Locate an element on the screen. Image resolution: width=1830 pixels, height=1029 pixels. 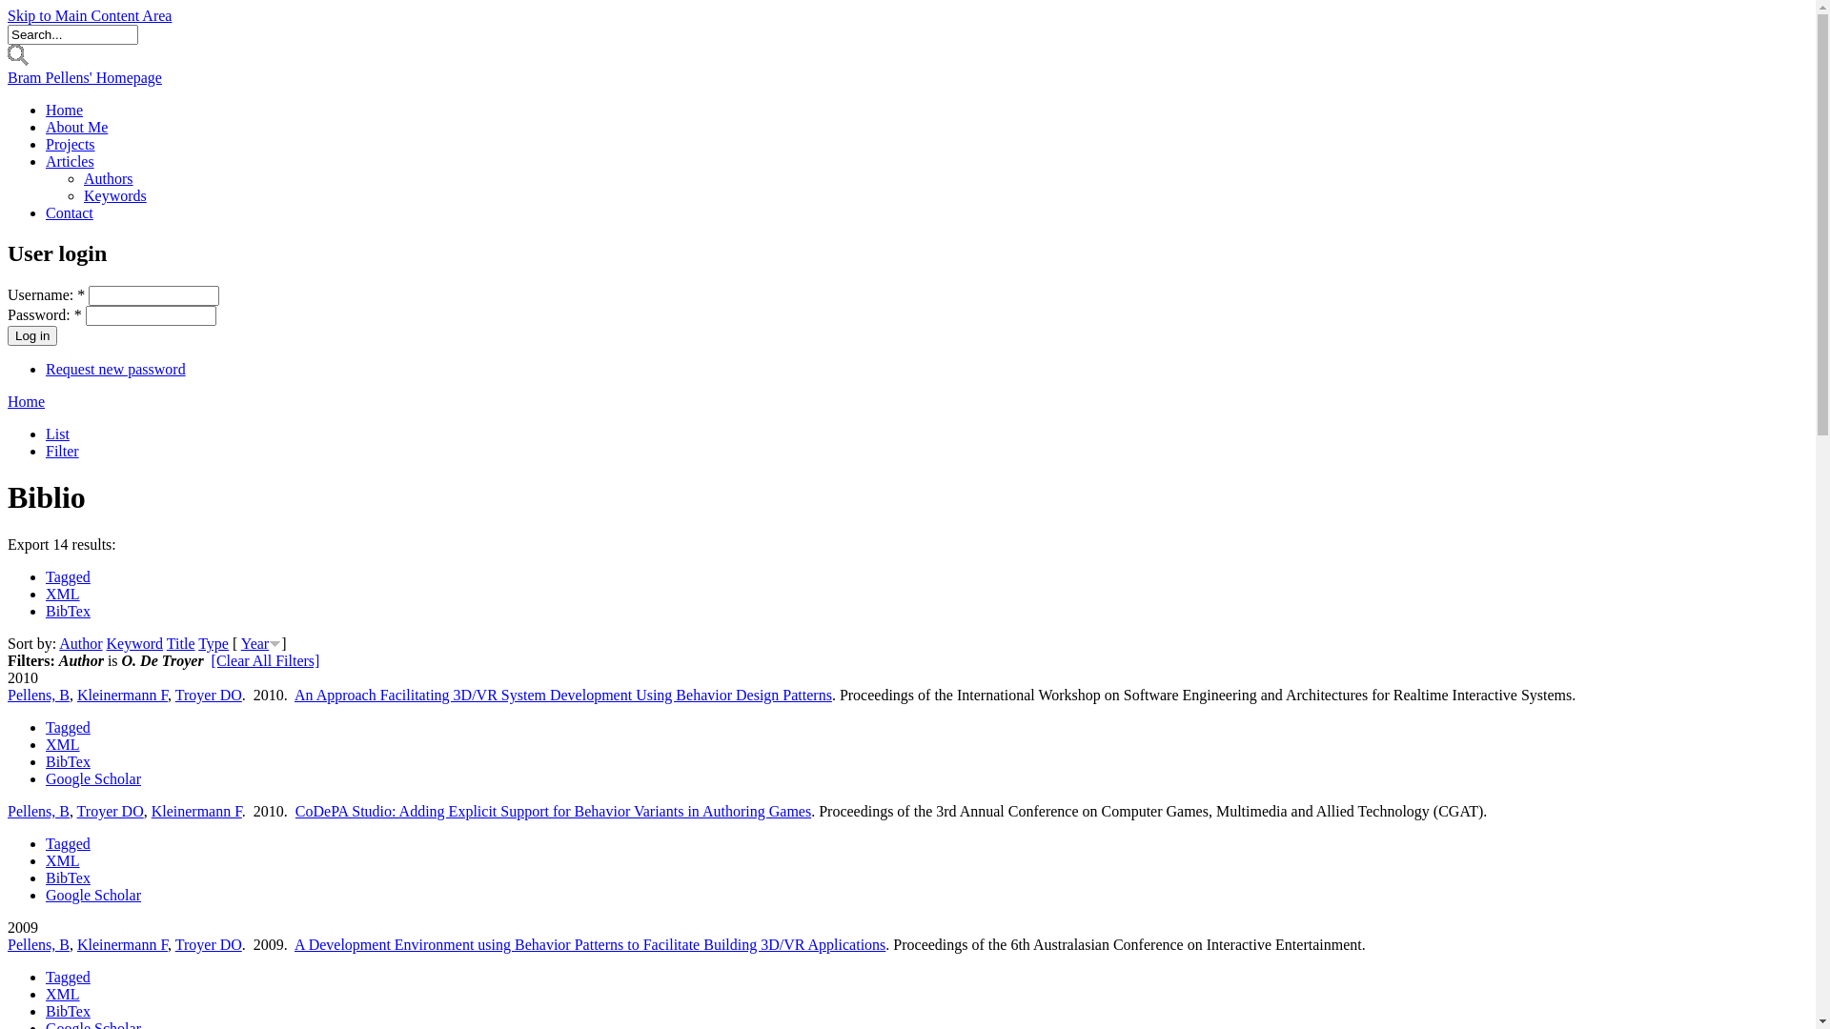
'Google Scholar' is located at coordinates (91, 778).